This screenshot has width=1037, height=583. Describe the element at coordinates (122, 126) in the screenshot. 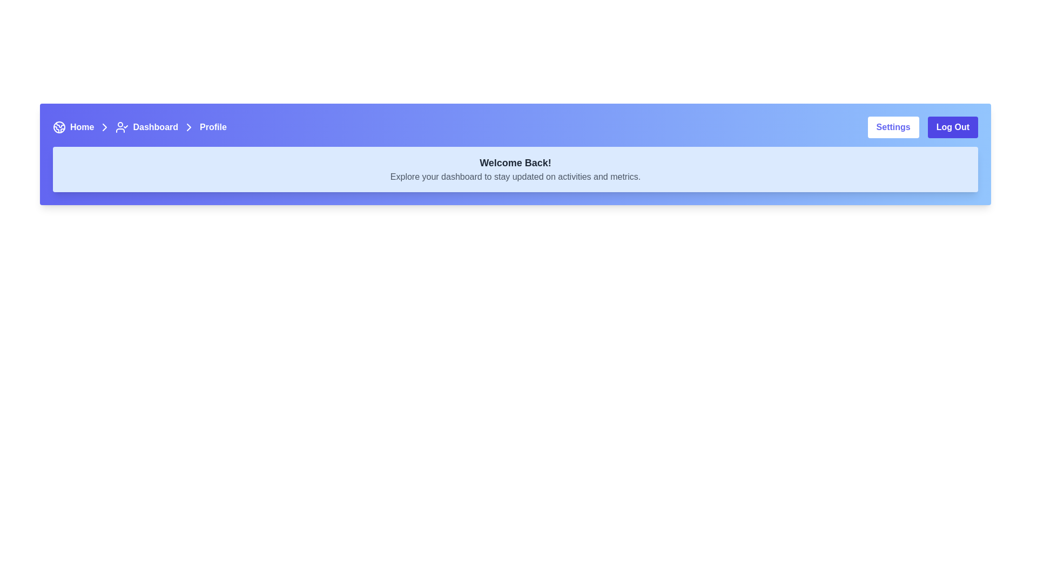

I see `the SVG icon representing a user with a checkmark, located in the breadcrumb navigation next to the 'Dashboard' label` at that location.